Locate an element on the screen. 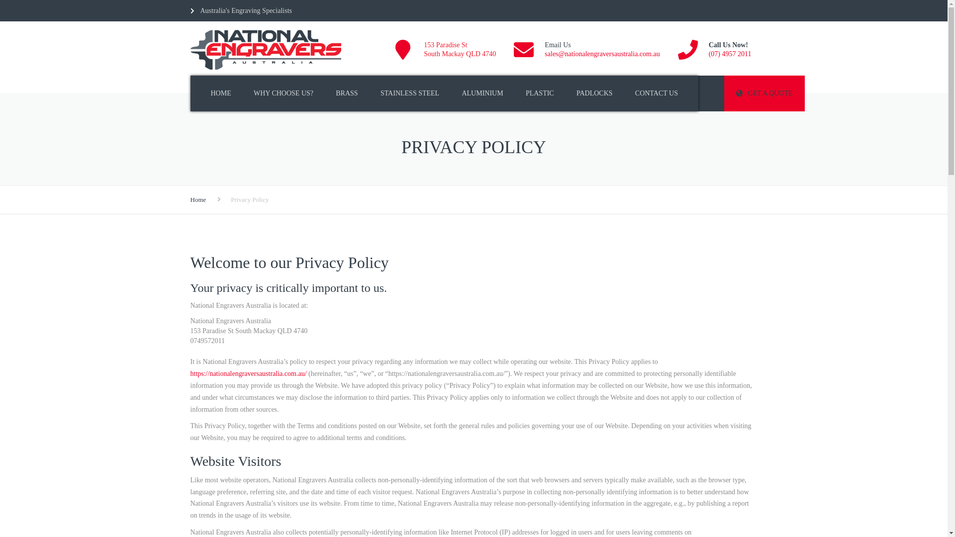 This screenshot has width=955, height=537. '(07) 4957 2011' is located at coordinates (730, 54).